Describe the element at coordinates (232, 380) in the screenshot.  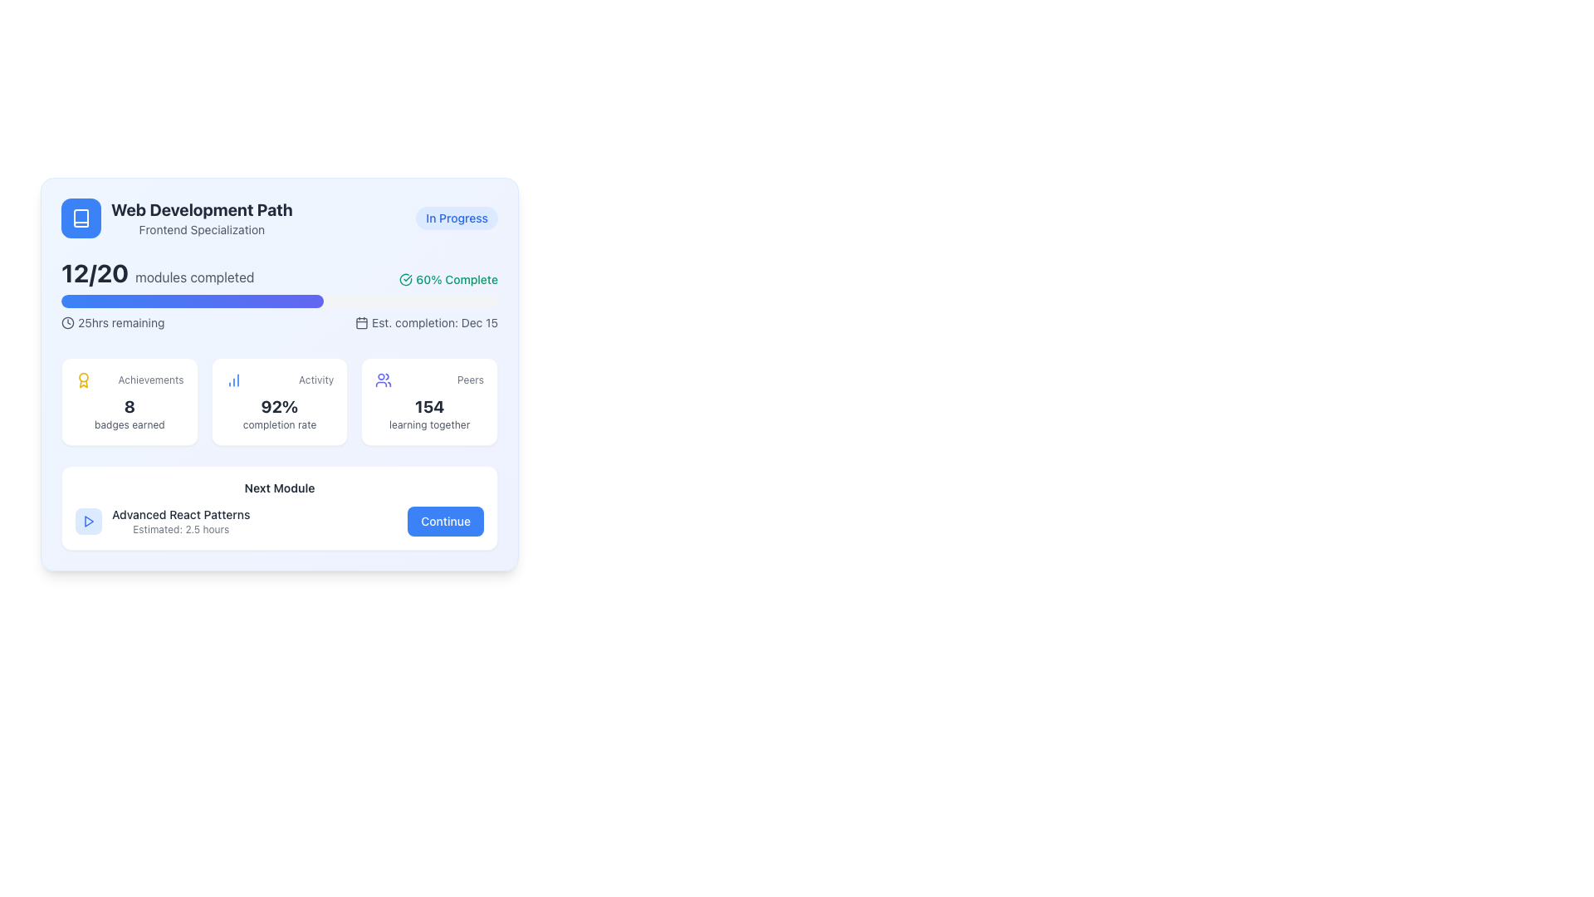
I see `the 'Activity' icon located in the middle of the row containing 'Achievements', 'Activity', and 'Peers', which is situated in the lower middle of the main card` at that location.